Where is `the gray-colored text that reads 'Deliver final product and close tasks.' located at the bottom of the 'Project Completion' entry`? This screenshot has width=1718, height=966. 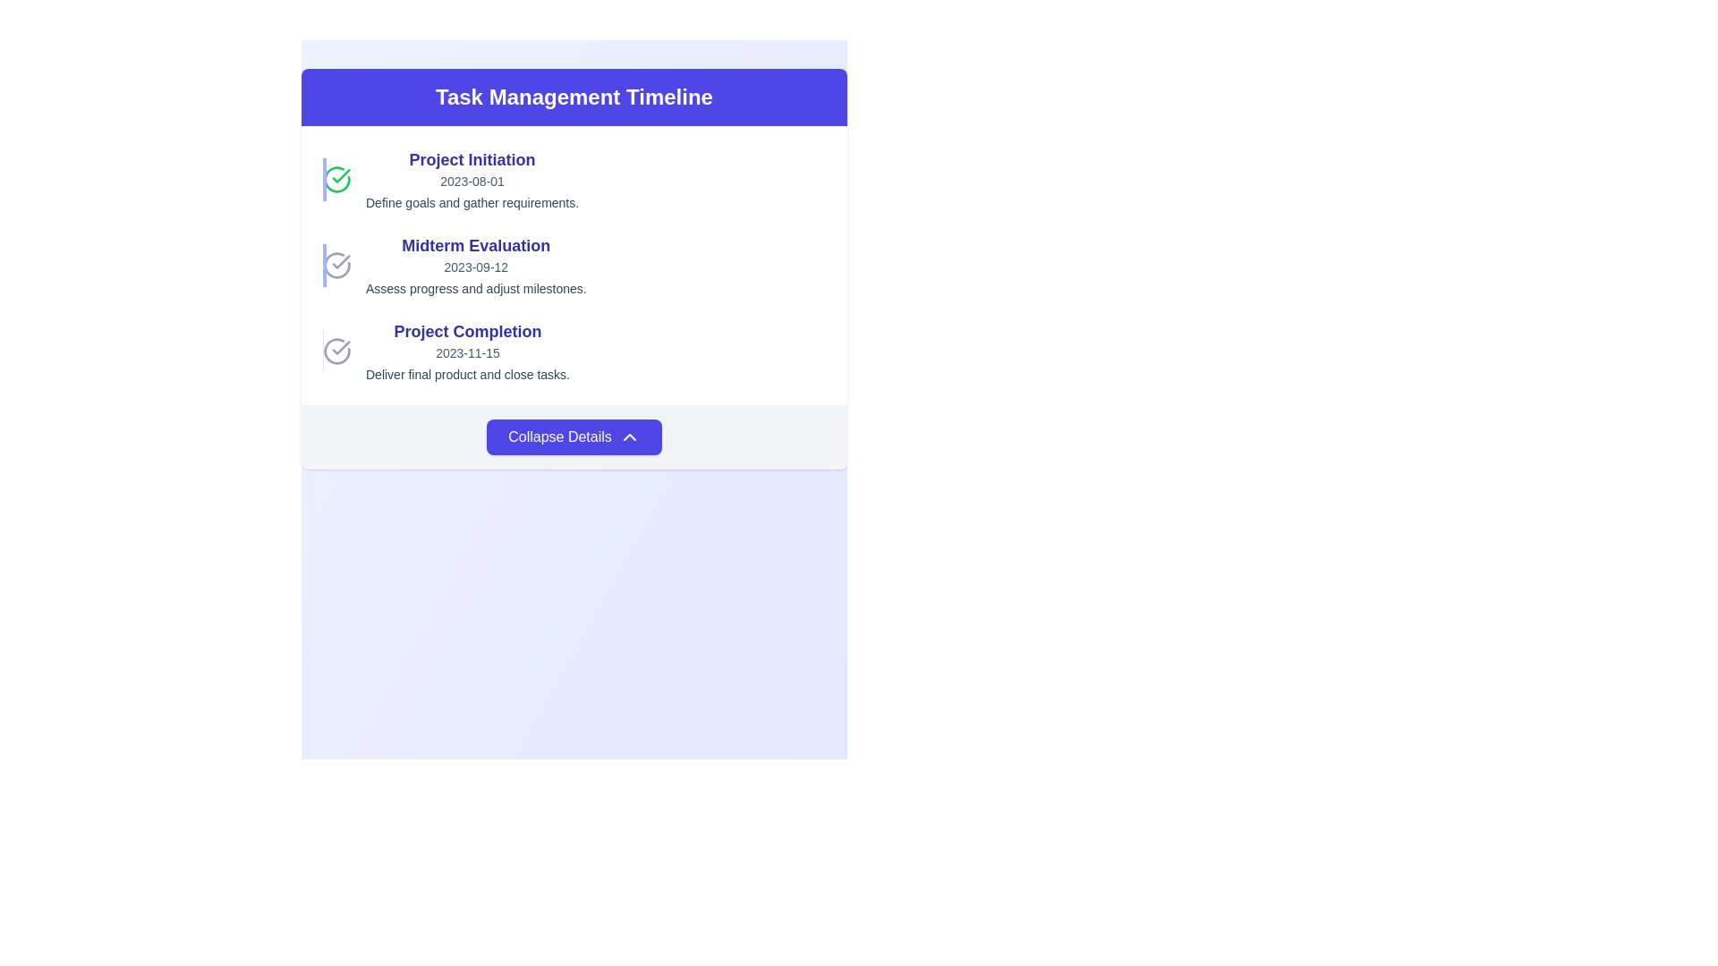 the gray-colored text that reads 'Deliver final product and close tasks.' located at the bottom of the 'Project Completion' entry is located at coordinates (468, 374).